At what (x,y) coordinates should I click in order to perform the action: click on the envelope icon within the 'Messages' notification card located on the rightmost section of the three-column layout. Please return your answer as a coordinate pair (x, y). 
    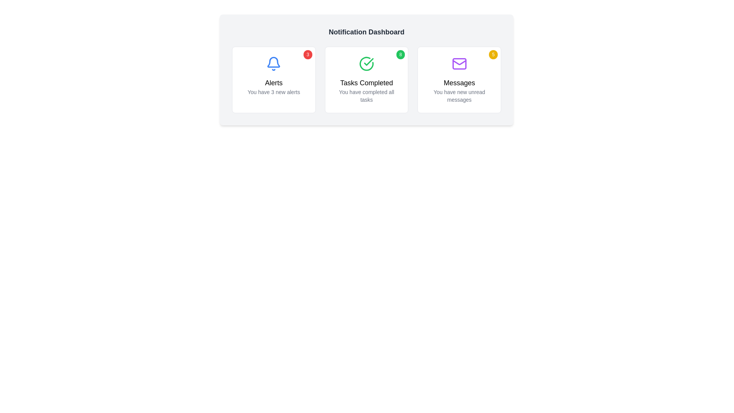
    Looking at the image, I should click on (459, 63).